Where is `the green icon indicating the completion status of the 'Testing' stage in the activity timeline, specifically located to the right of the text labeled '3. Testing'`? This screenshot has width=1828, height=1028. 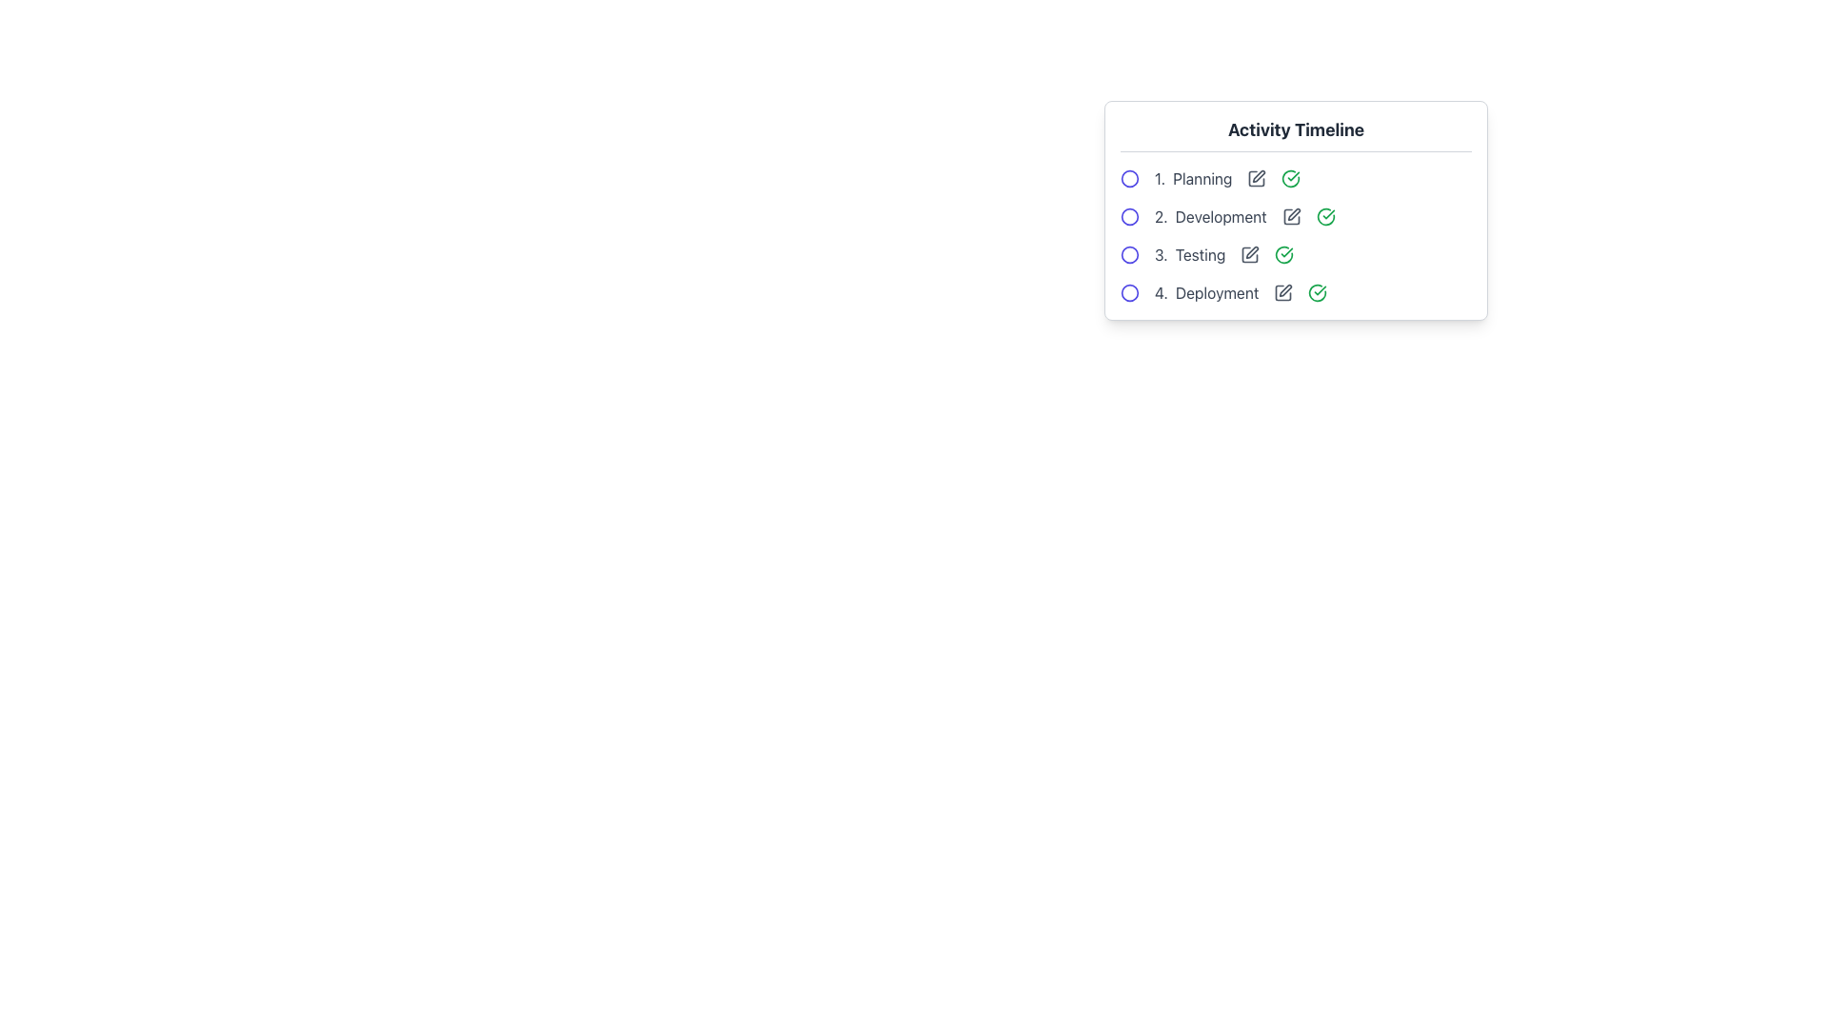 the green icon indicating the completion status of the 'Testing' stage in the activity timeline, specifically located to the right of the text labeled '3. Testing' is located at coordinates (1284, 253).